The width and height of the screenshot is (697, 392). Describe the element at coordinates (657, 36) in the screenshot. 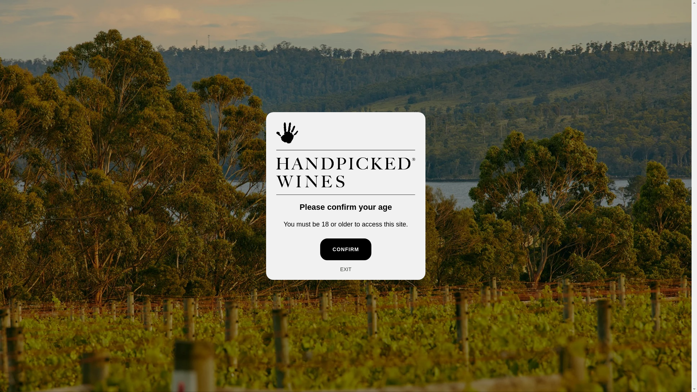

I see `'Cart'` at that location.